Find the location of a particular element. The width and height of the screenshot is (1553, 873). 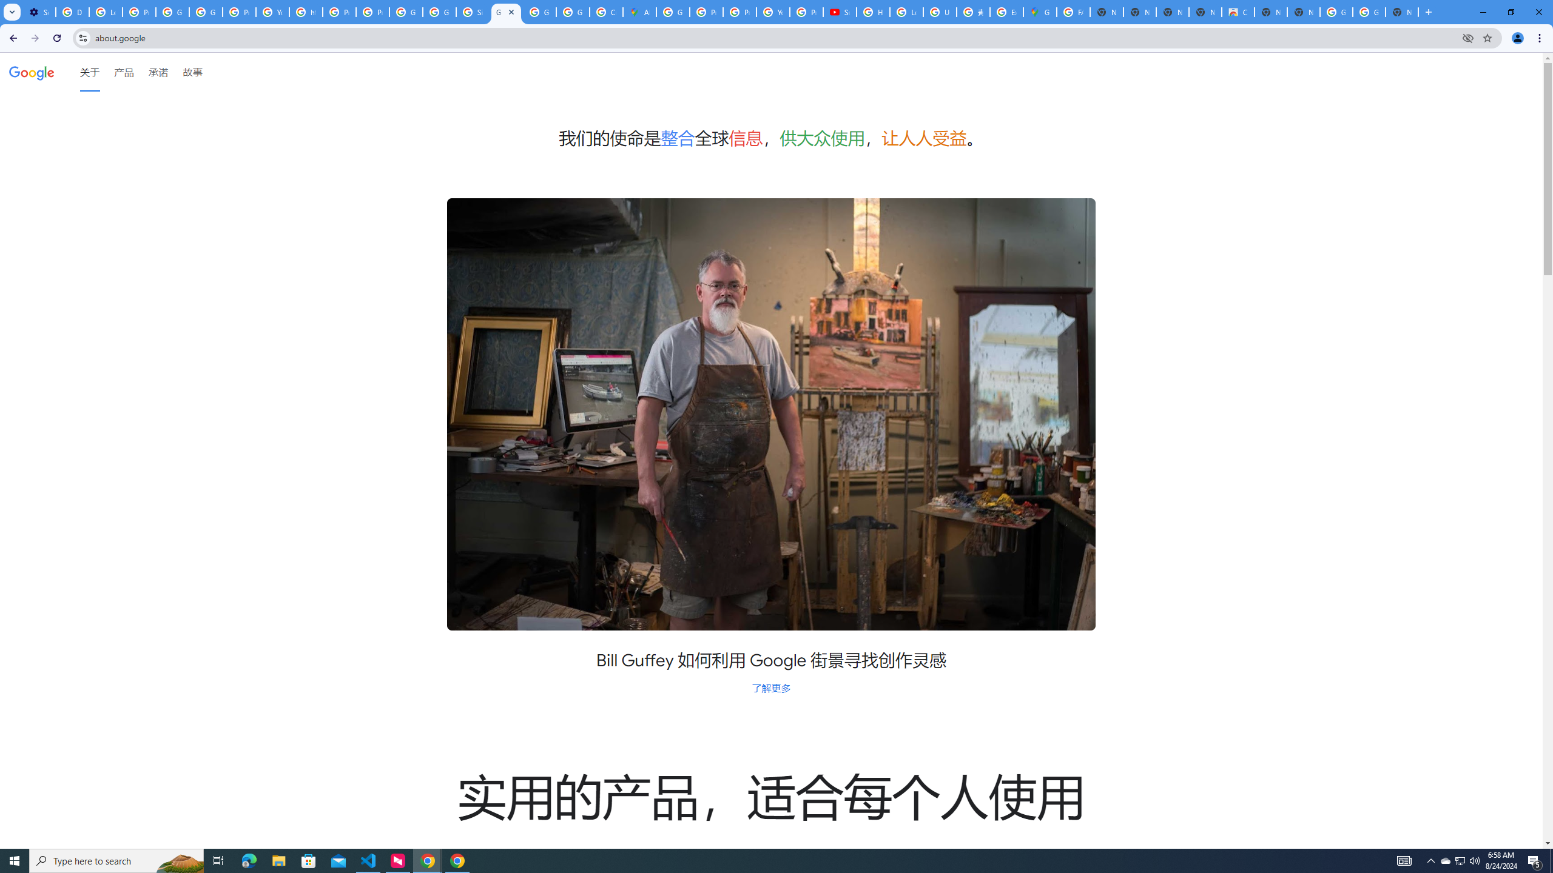

'New Tab' is located at coordinates (1402, 12).